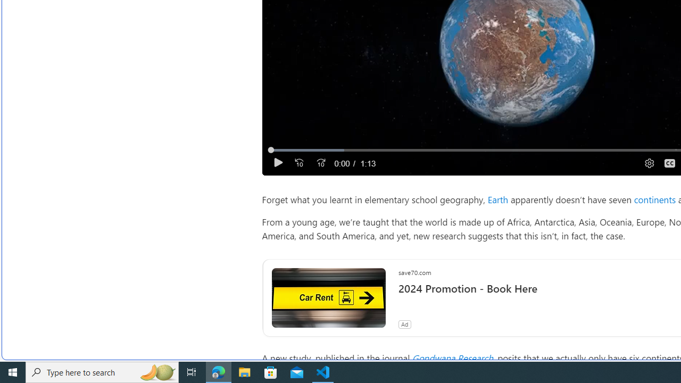 Image resolution: width=681 pixels, height=383 pixels. Describe the element at coordinates (497, 199) in the screenshot. I see `'Earth'` at that location.